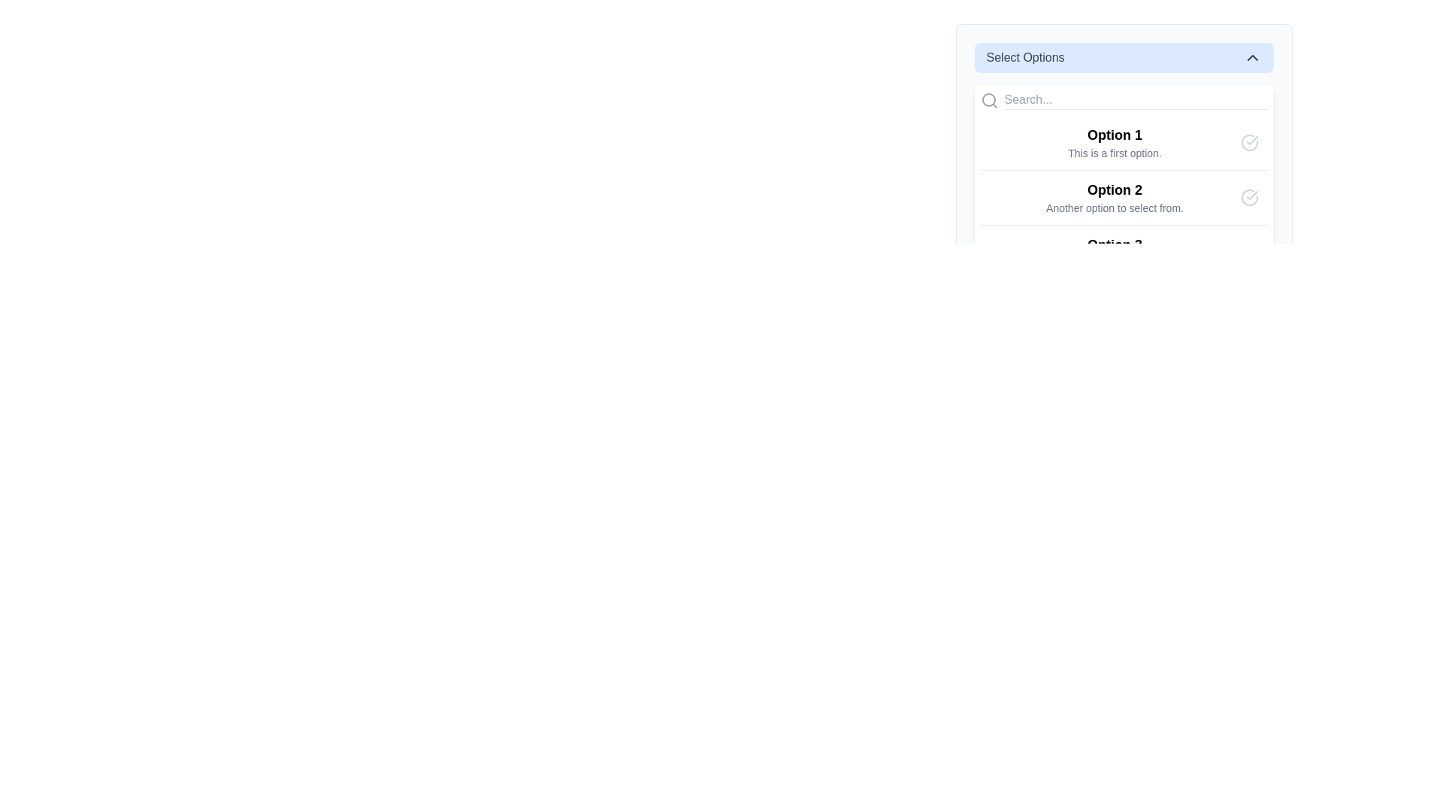 This screenshot has height=812, width=1443. I want to click on the list item titled 'Option 1' with a descriptive text below it and a checkmark icon, so click(1124, 164).